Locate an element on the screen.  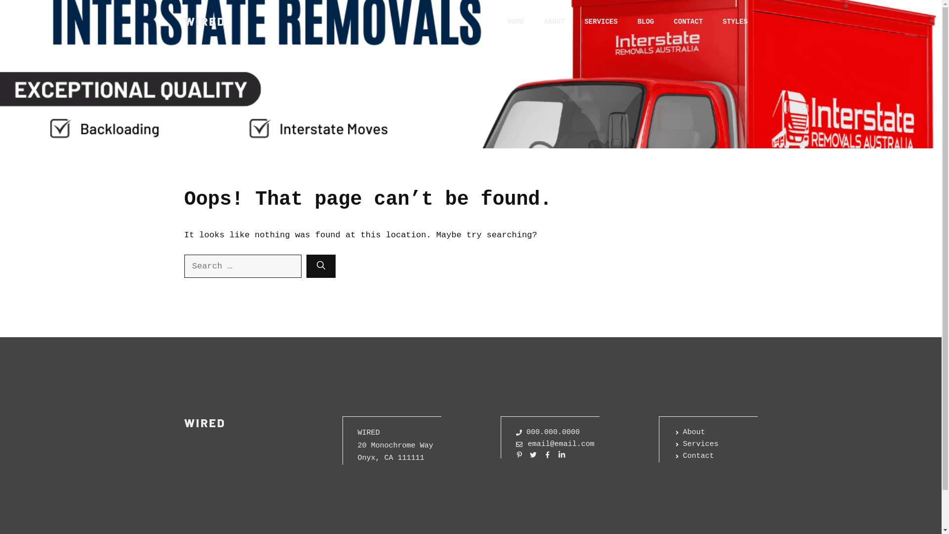
'Services' is located at coordinates (696, 444).